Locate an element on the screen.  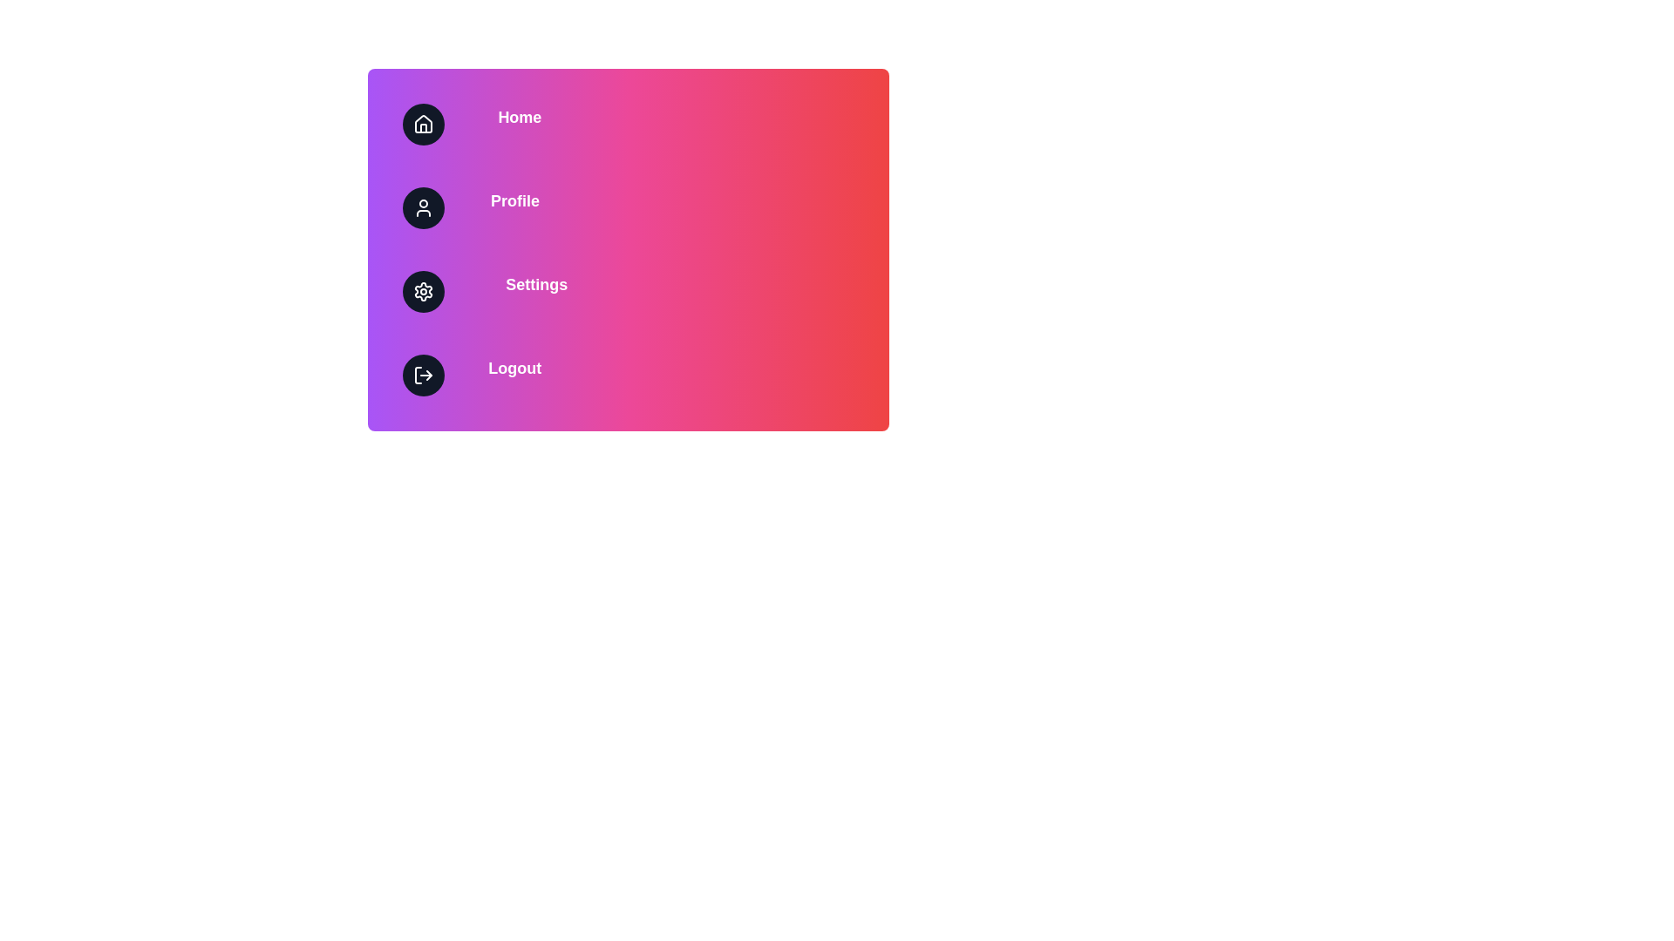
the menu item labeled Settings to reveal its description is located at coordinates (628, 291).